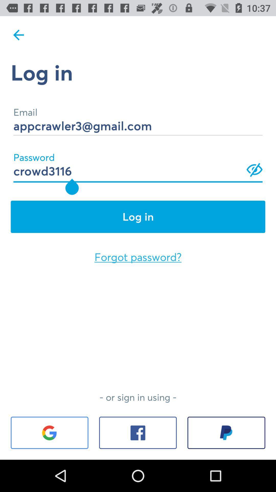 The width and height of the screenshot is (276, 492). I want to click on icon below the log in, so click(138, 257).